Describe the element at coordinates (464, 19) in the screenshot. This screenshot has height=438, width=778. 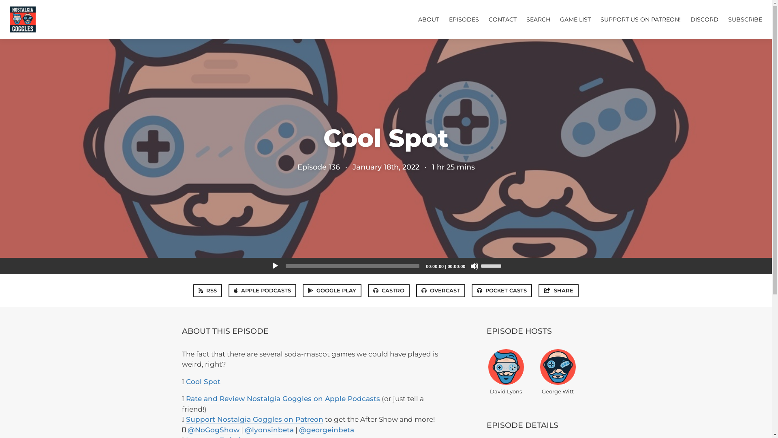
I see `'EPISODES'` at that location.